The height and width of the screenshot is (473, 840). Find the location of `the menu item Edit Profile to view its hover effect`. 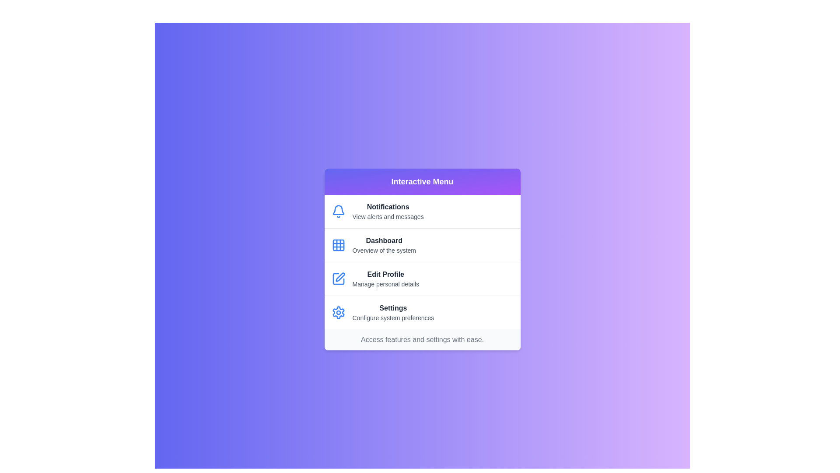

the menu item Edit Profile to view its hover effect is located at coordinates (422, 279).